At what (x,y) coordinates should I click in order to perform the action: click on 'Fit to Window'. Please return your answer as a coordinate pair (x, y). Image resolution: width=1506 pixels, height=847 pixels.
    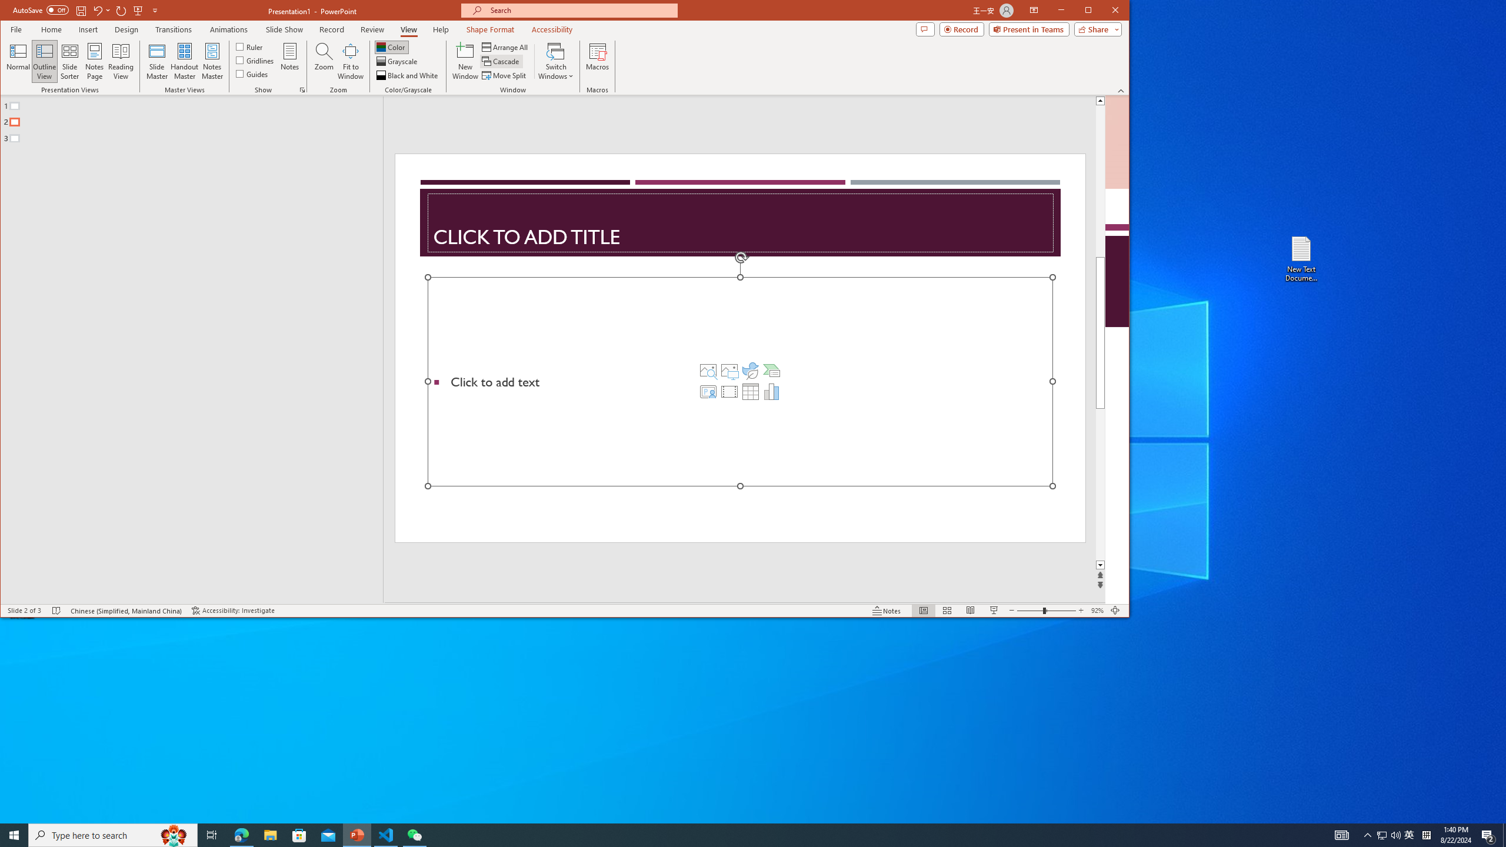
    Looking at the image, I should click on (350, 61).